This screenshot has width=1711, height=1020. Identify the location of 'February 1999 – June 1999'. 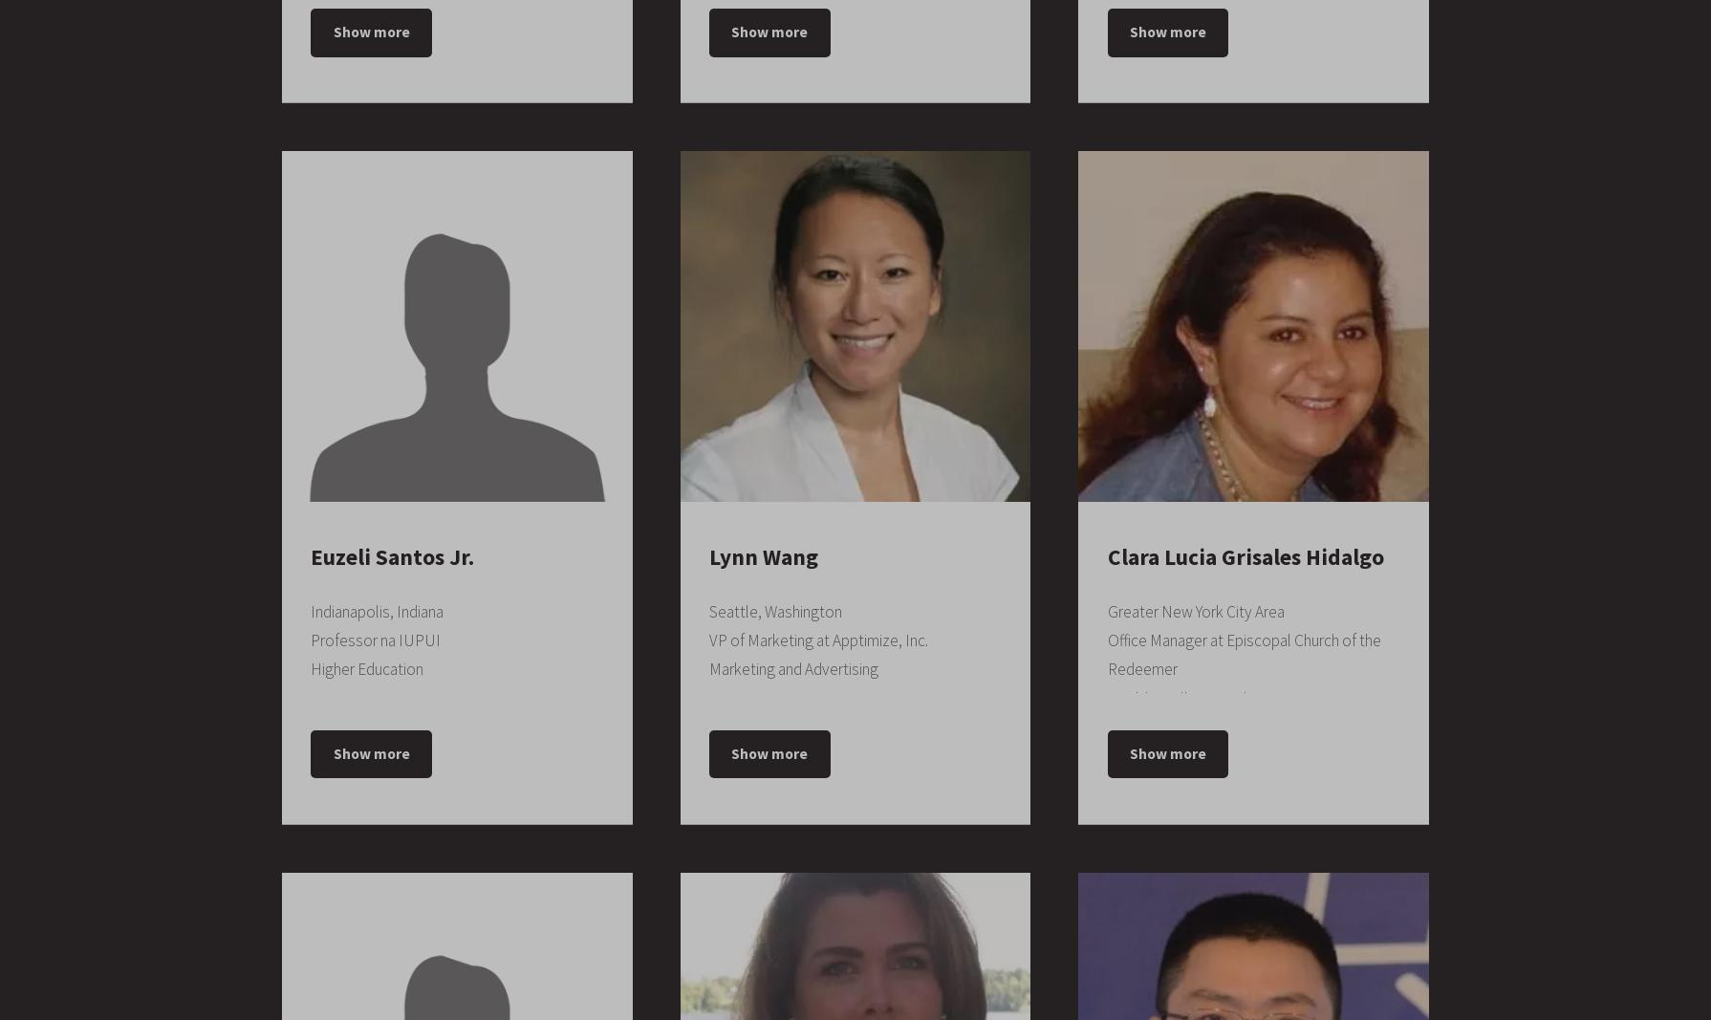
(845, 976).